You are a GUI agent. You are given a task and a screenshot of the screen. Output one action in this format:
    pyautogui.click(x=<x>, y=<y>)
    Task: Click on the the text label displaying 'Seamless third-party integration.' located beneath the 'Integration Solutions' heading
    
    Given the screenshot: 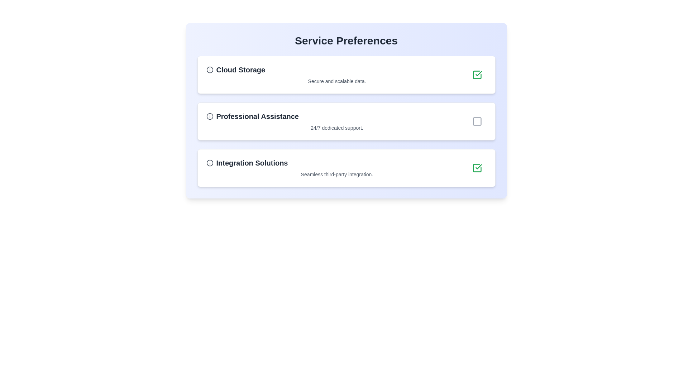 What is the action you would take?
    pyautogui.click(x=336, y=174)
    